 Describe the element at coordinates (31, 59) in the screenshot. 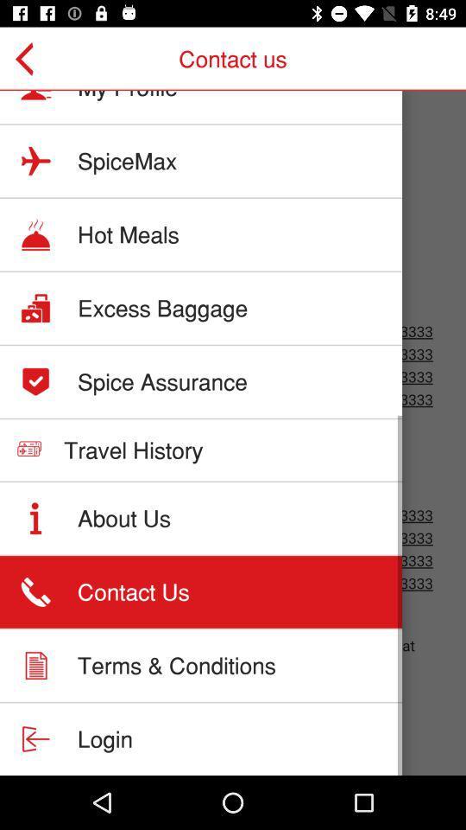

I see `item to the left of my profile` at that location.